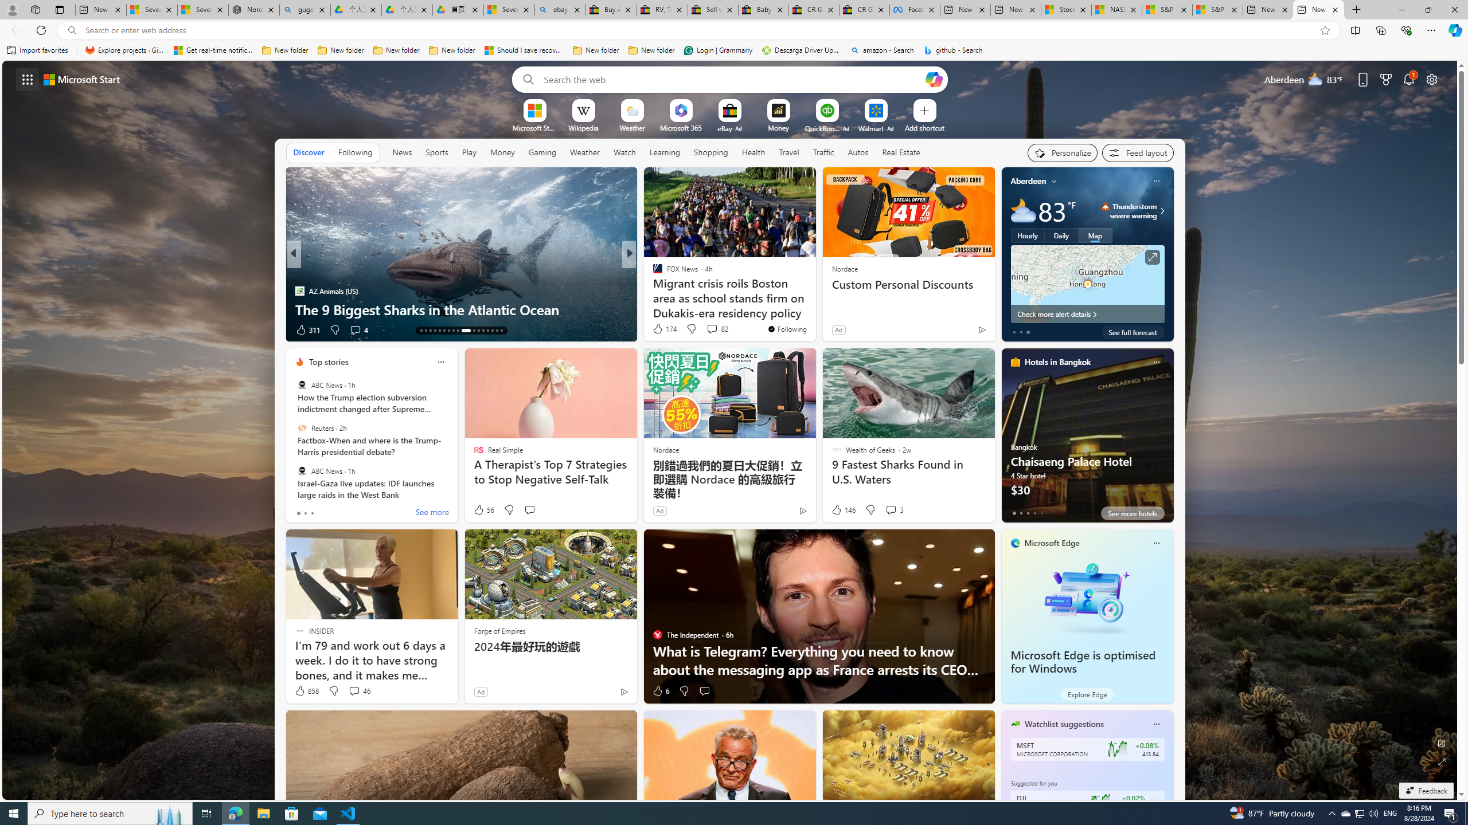 This screenshot has height=825, width=1468. What do you see at coordinates (710, 329) in the screenshot?
I see `'View comments 10 Comment'` at bounding box center [710, 329].